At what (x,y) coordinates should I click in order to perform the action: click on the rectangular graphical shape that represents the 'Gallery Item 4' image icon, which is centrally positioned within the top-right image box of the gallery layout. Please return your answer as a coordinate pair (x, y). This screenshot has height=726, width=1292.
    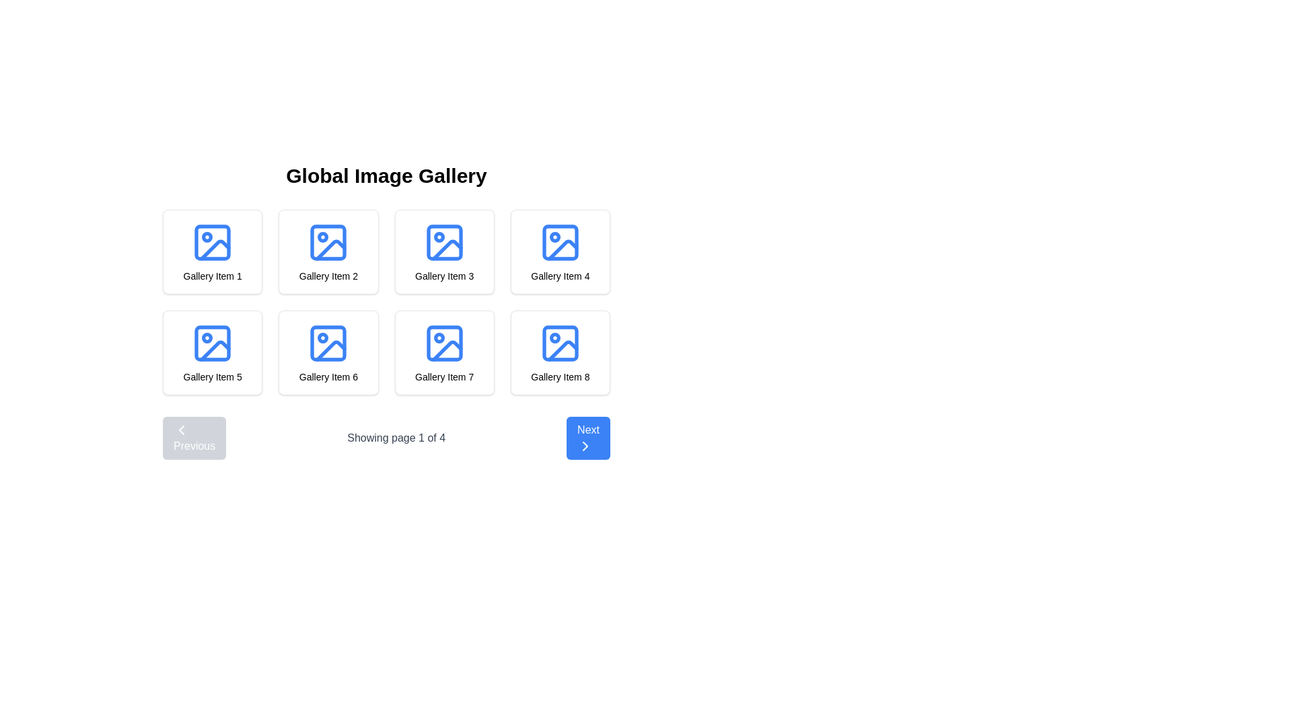
    Looking at the image, I should click on (560, 243).